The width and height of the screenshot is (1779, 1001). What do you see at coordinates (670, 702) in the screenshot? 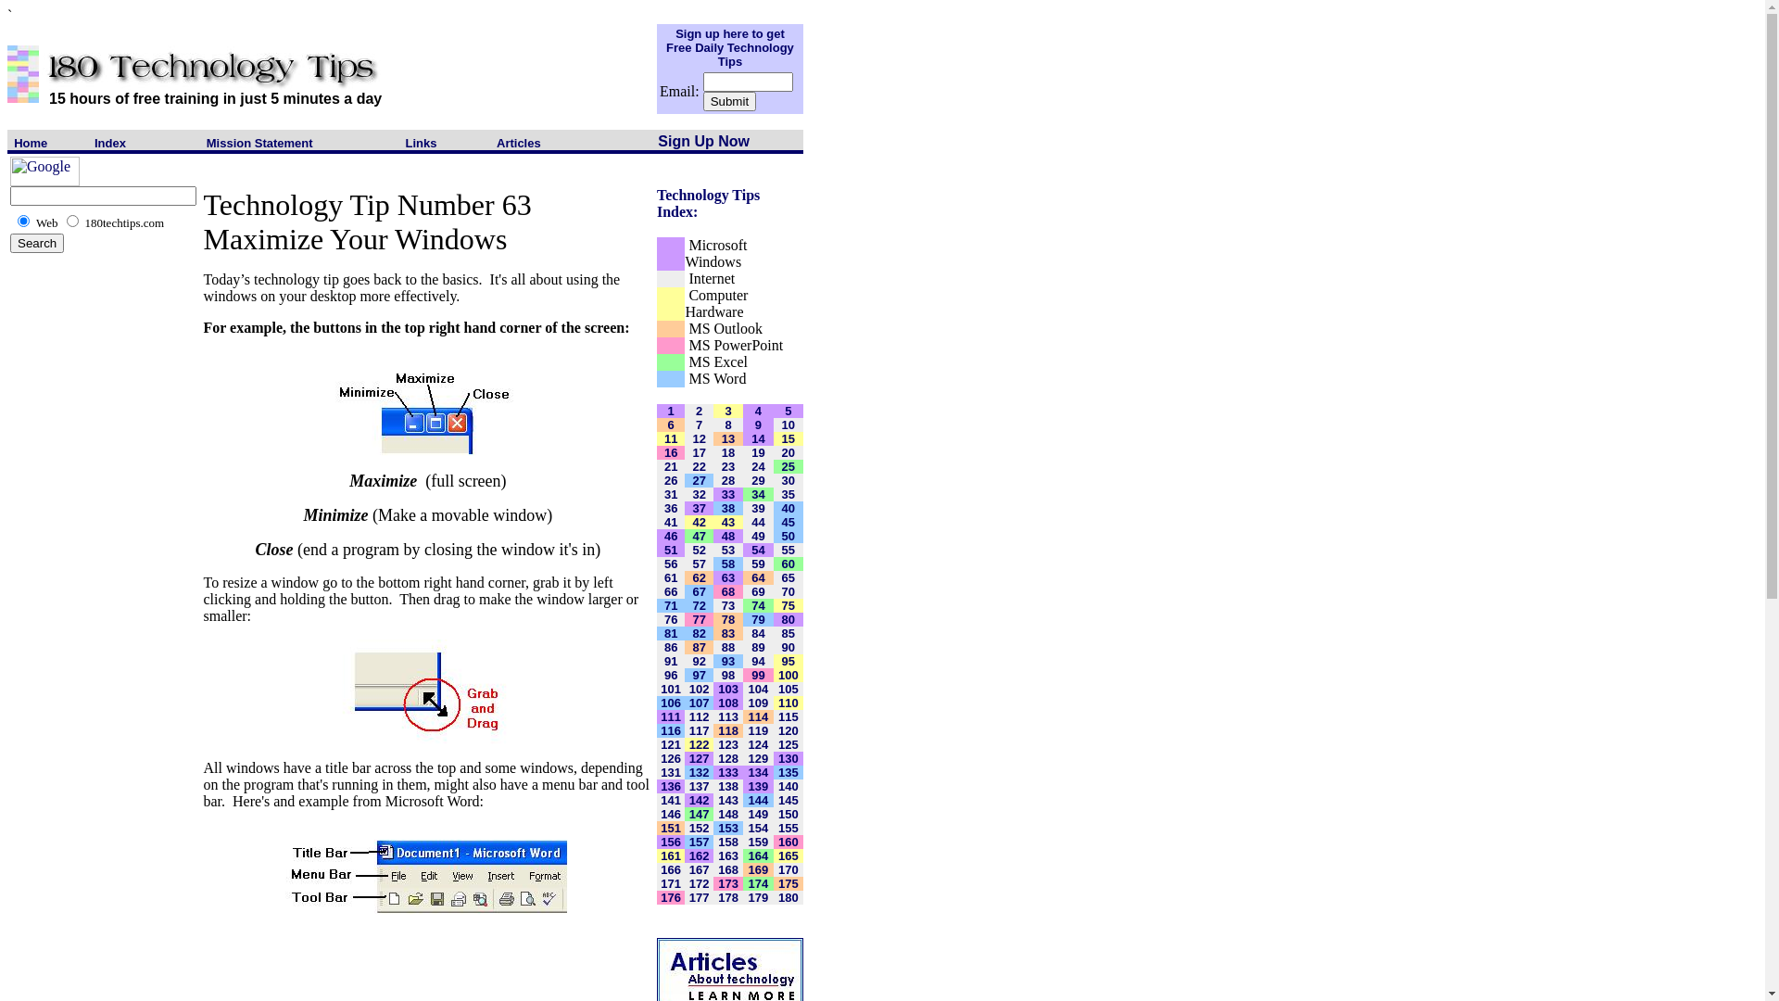
I see `'106'` at bounding box center [670, 702].